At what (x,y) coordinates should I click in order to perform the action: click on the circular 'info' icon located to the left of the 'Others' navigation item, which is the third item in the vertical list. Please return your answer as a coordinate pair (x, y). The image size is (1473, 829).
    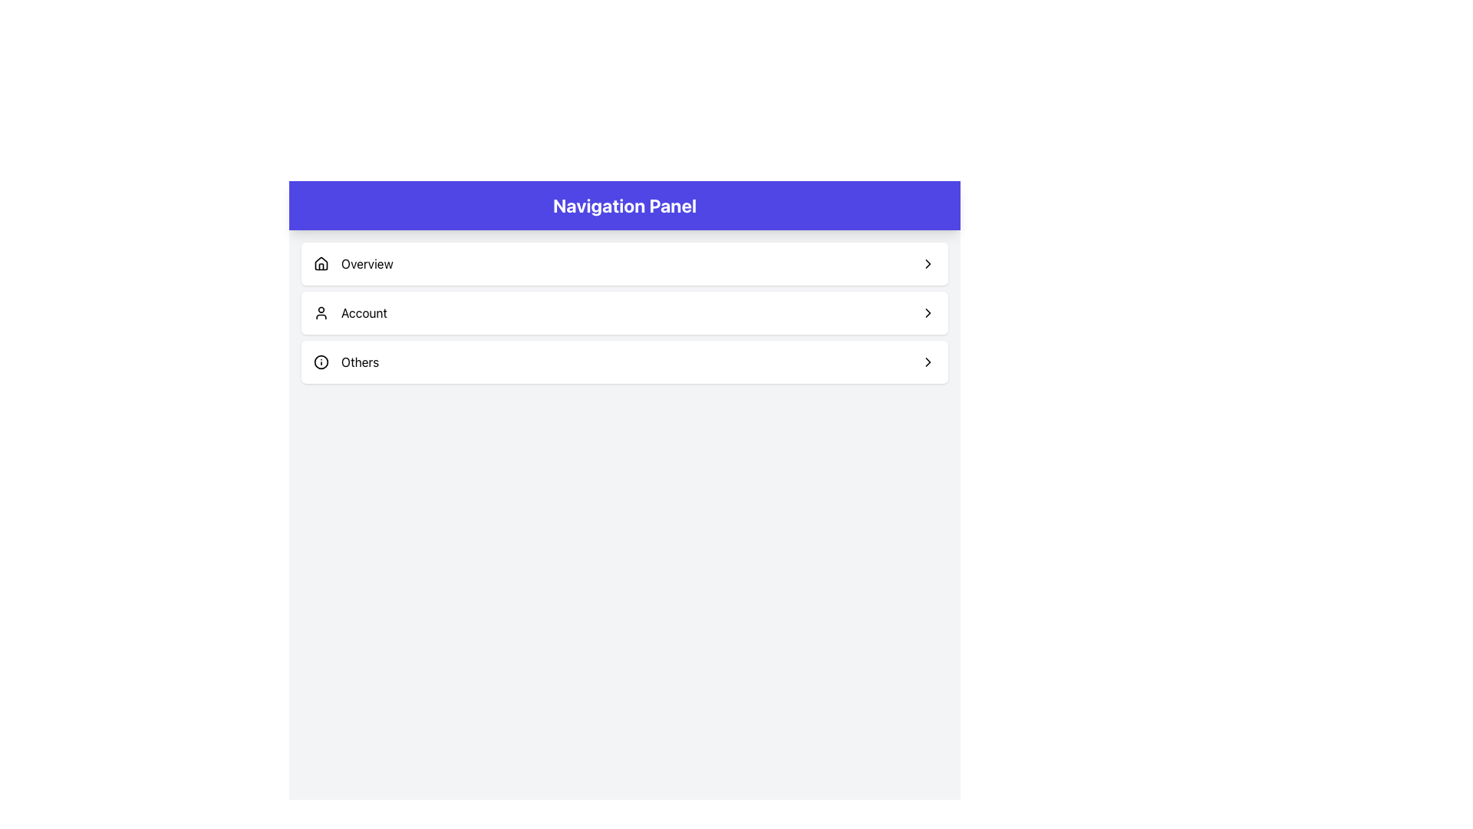
    Looking at the image, I should click on (320, 362).